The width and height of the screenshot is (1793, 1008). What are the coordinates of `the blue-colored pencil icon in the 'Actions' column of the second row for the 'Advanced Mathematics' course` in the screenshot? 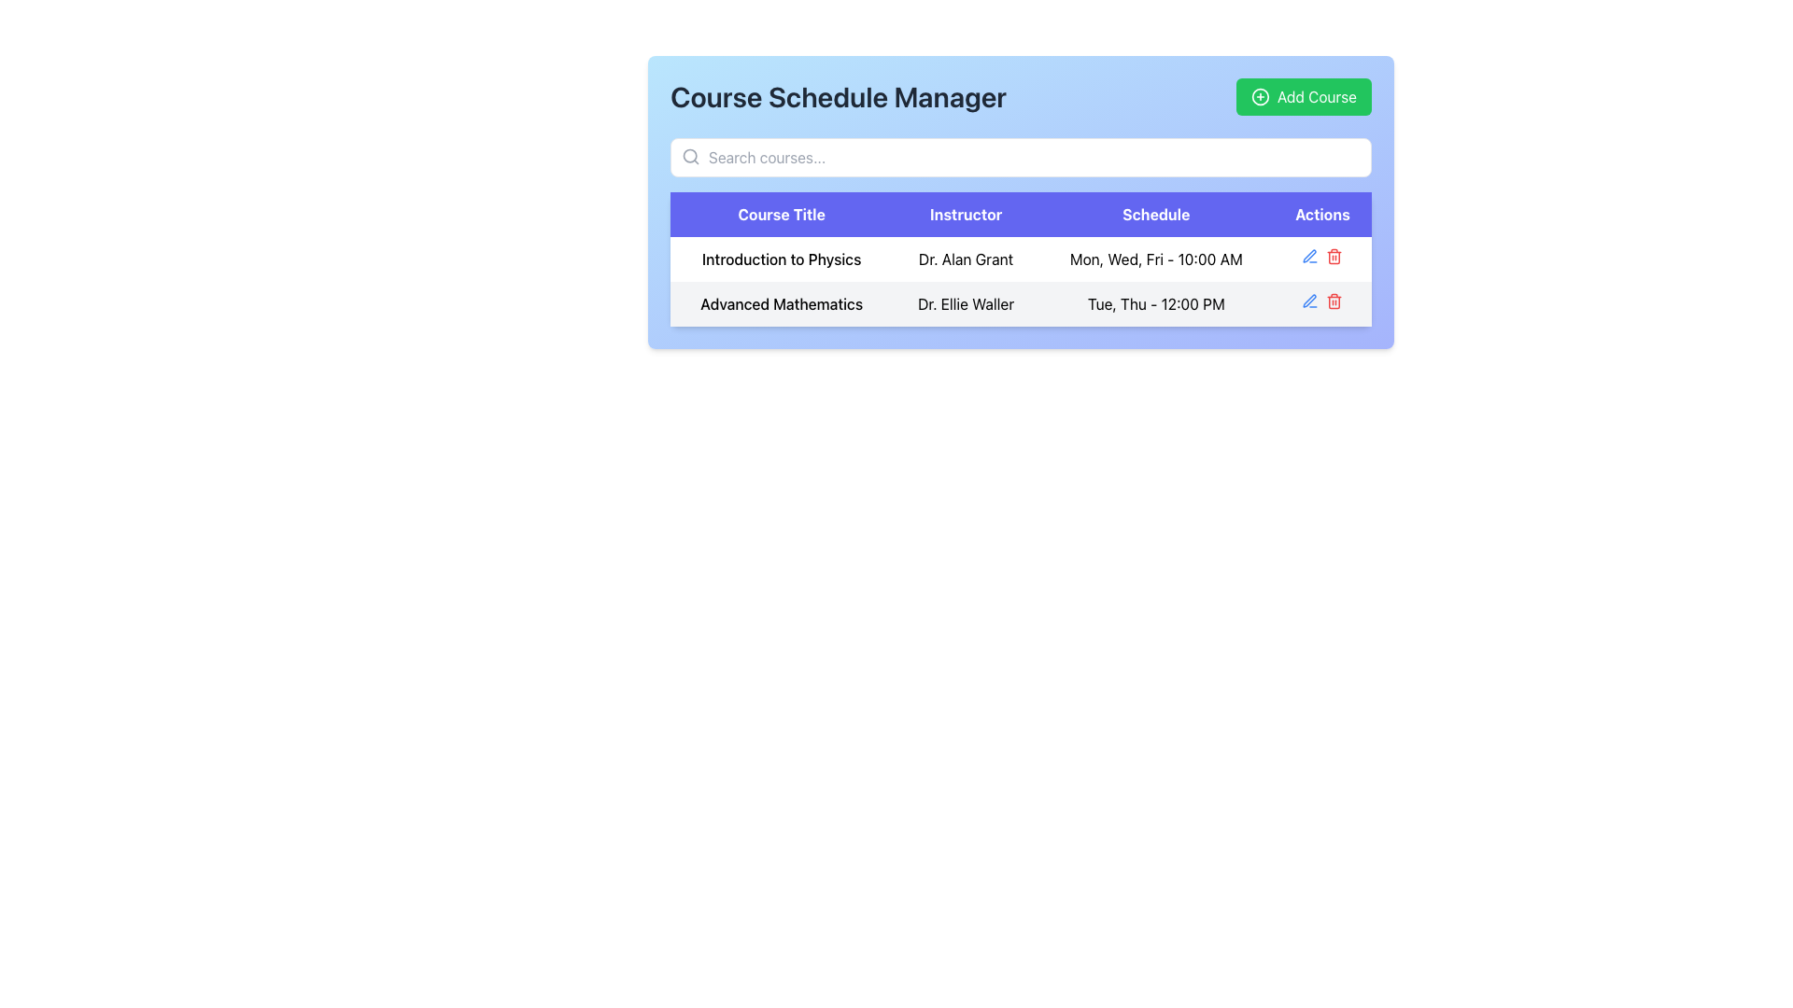 It's located at (1309, 301).